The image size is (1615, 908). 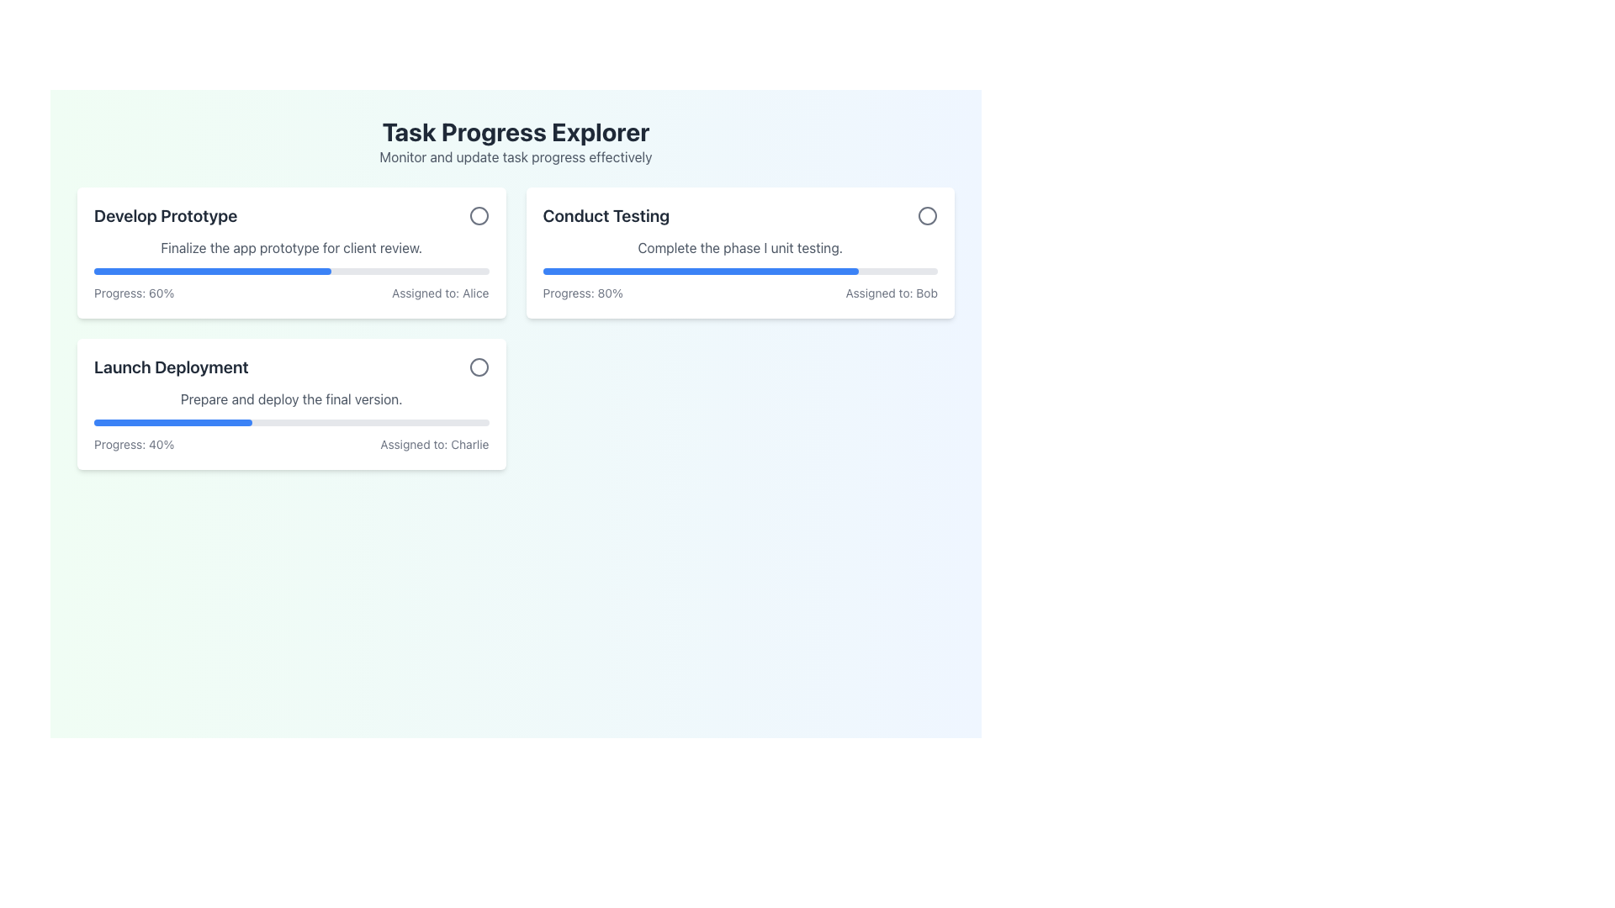 What do you see at coordinates (133, 443) in the screenshot?
I see `the text label displaying 'Progress: 40%' in gray font, located at the bottom-left side of the 'Launch Deployment' card` at bounding box center [133, 443].